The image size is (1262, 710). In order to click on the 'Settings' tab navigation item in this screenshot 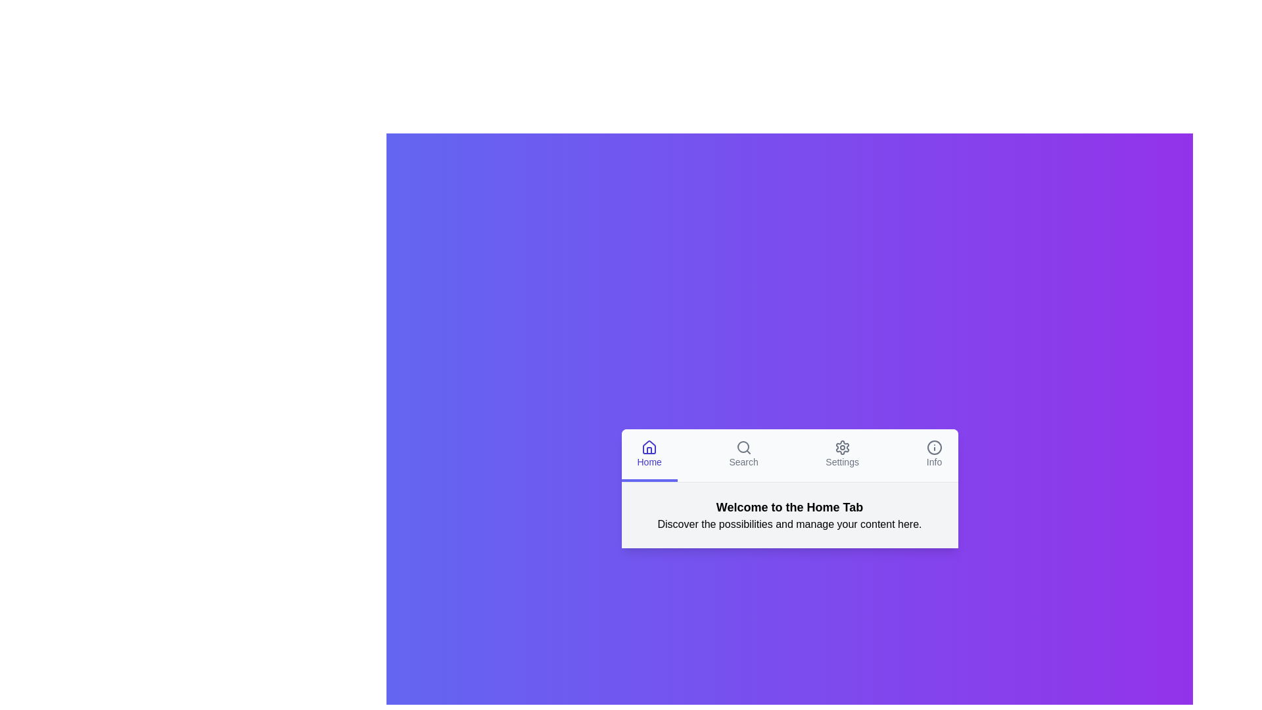, I will do `click(842, 454)`.